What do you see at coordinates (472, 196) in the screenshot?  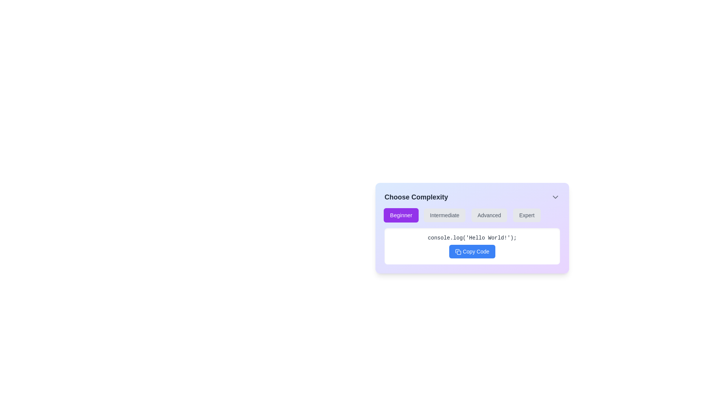 I see `the Dropdown header located at the top of the box interface to enable keyboard navigation` at bounding box center [472, 196].